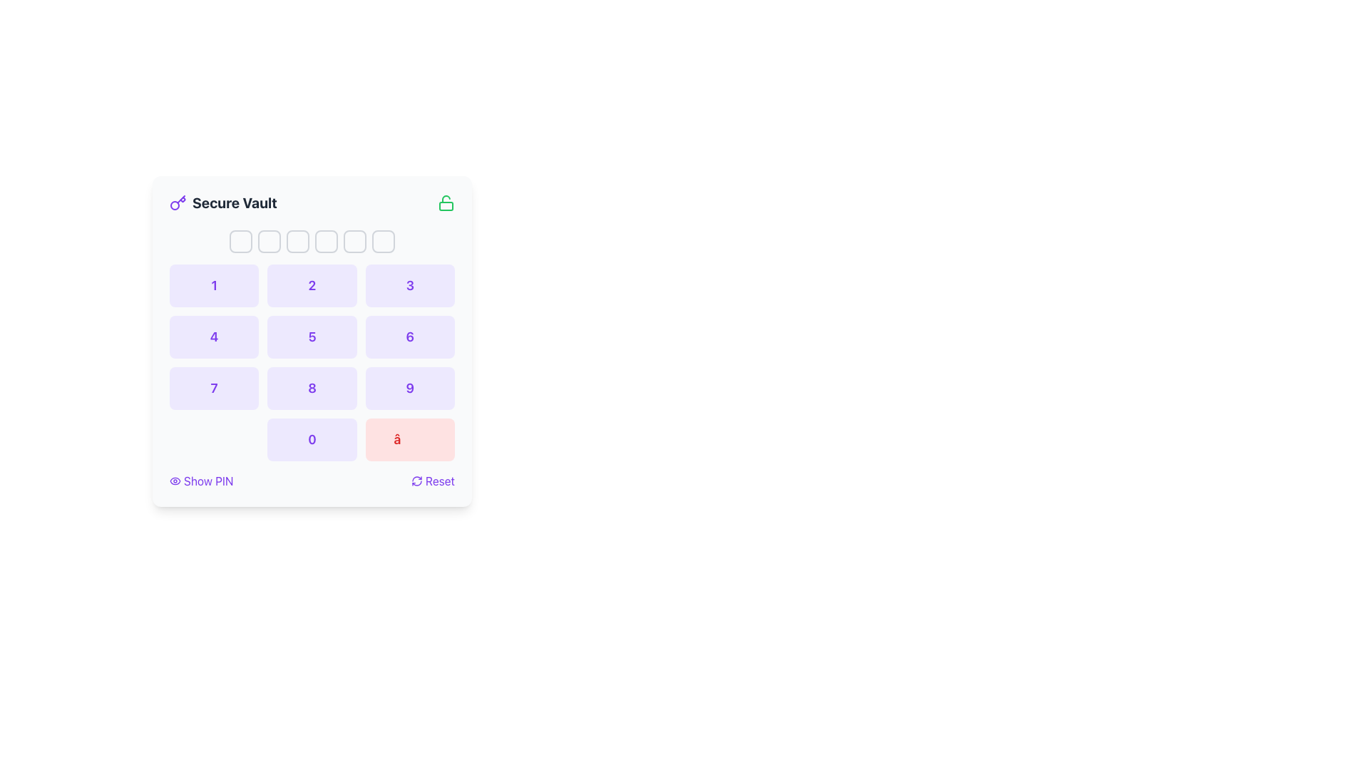  I want to click on the rectangular button with rounded corners and a violet background displaying the number '5', located in the center of the second row of buttons, so click(311, 337).